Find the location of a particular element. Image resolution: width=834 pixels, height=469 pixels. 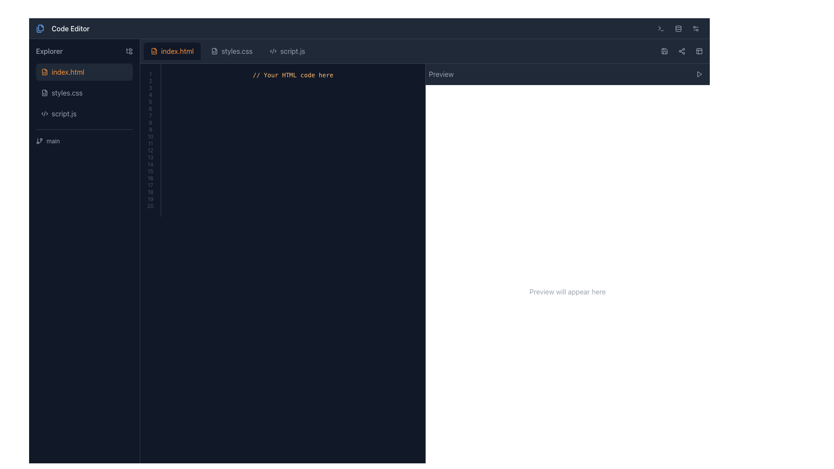

the text label representing line number 9 in the code editor interface, which is the ninth item in the vertical sequence of line numbers is located at coordinates (150, 130).